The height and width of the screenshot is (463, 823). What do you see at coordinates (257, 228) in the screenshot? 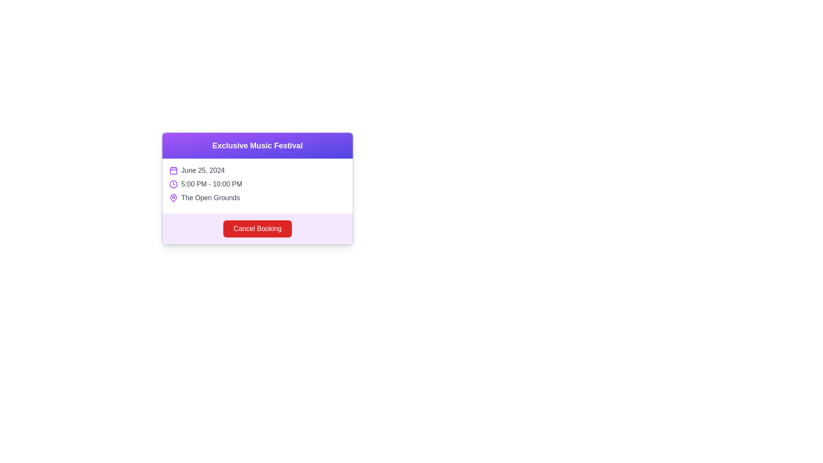
I see `the red 'Cancel Booking' button with rounded corners located at the bottom of the event card to initiate cancellation` at bounding box center [257, 228].